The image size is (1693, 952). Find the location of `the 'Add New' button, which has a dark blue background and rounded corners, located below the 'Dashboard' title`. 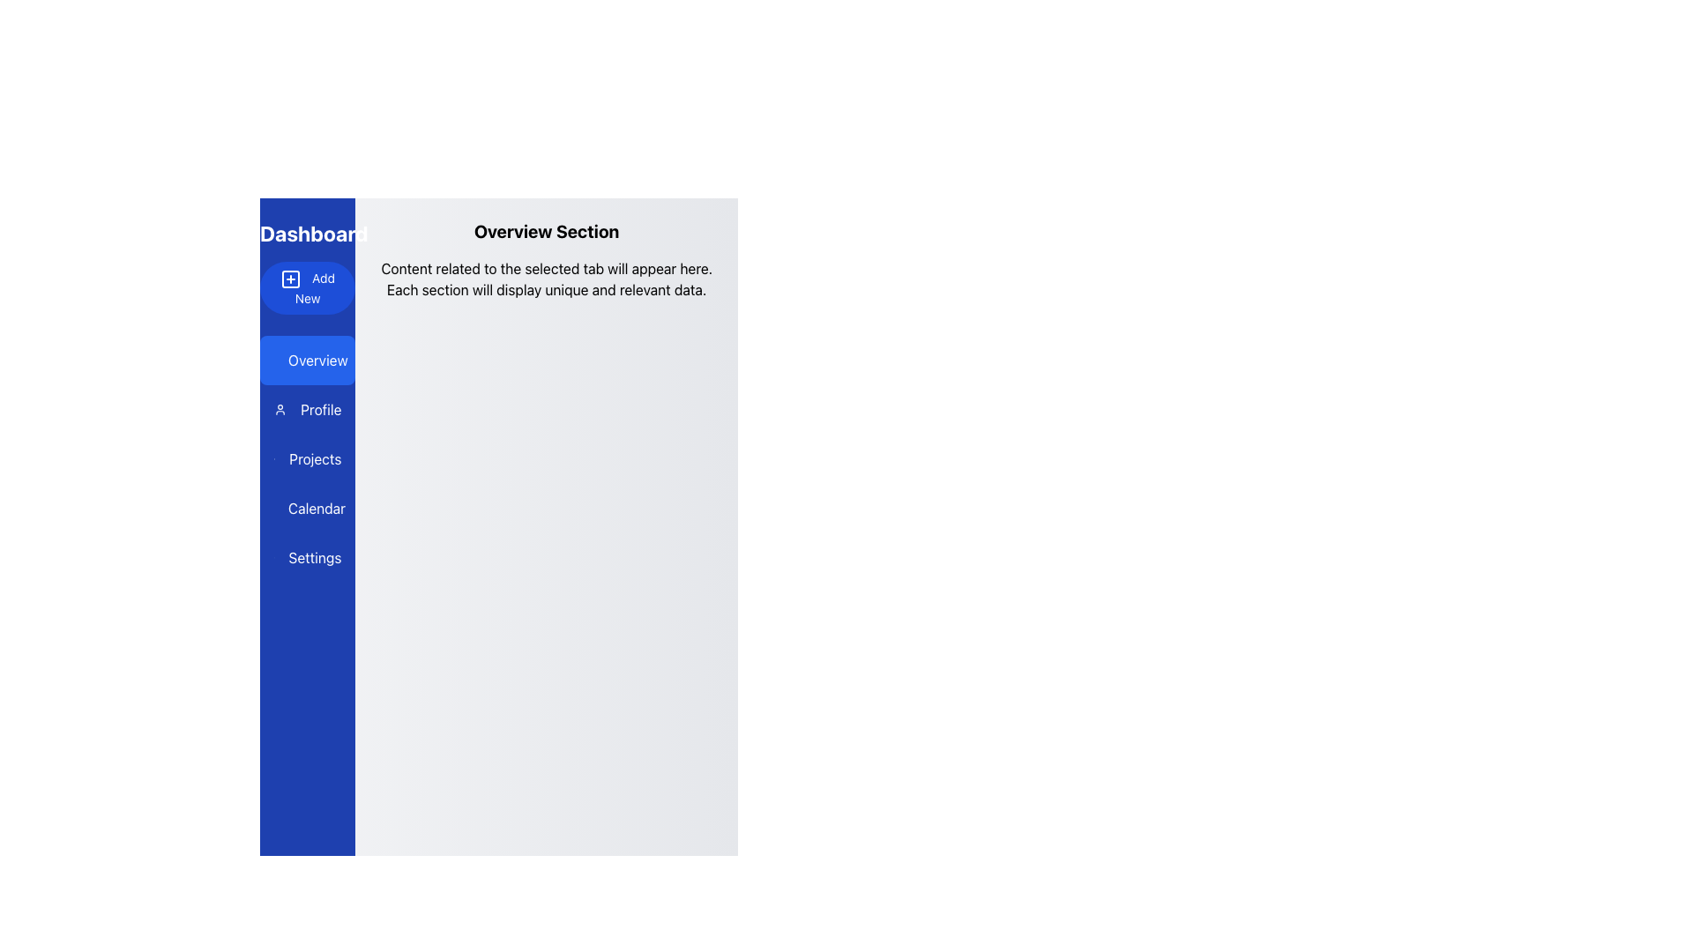

the 'Add New' button, which has a dark blue background and rounded corners, located below the 'Dashboard' title is located at coordinates (308, 287).